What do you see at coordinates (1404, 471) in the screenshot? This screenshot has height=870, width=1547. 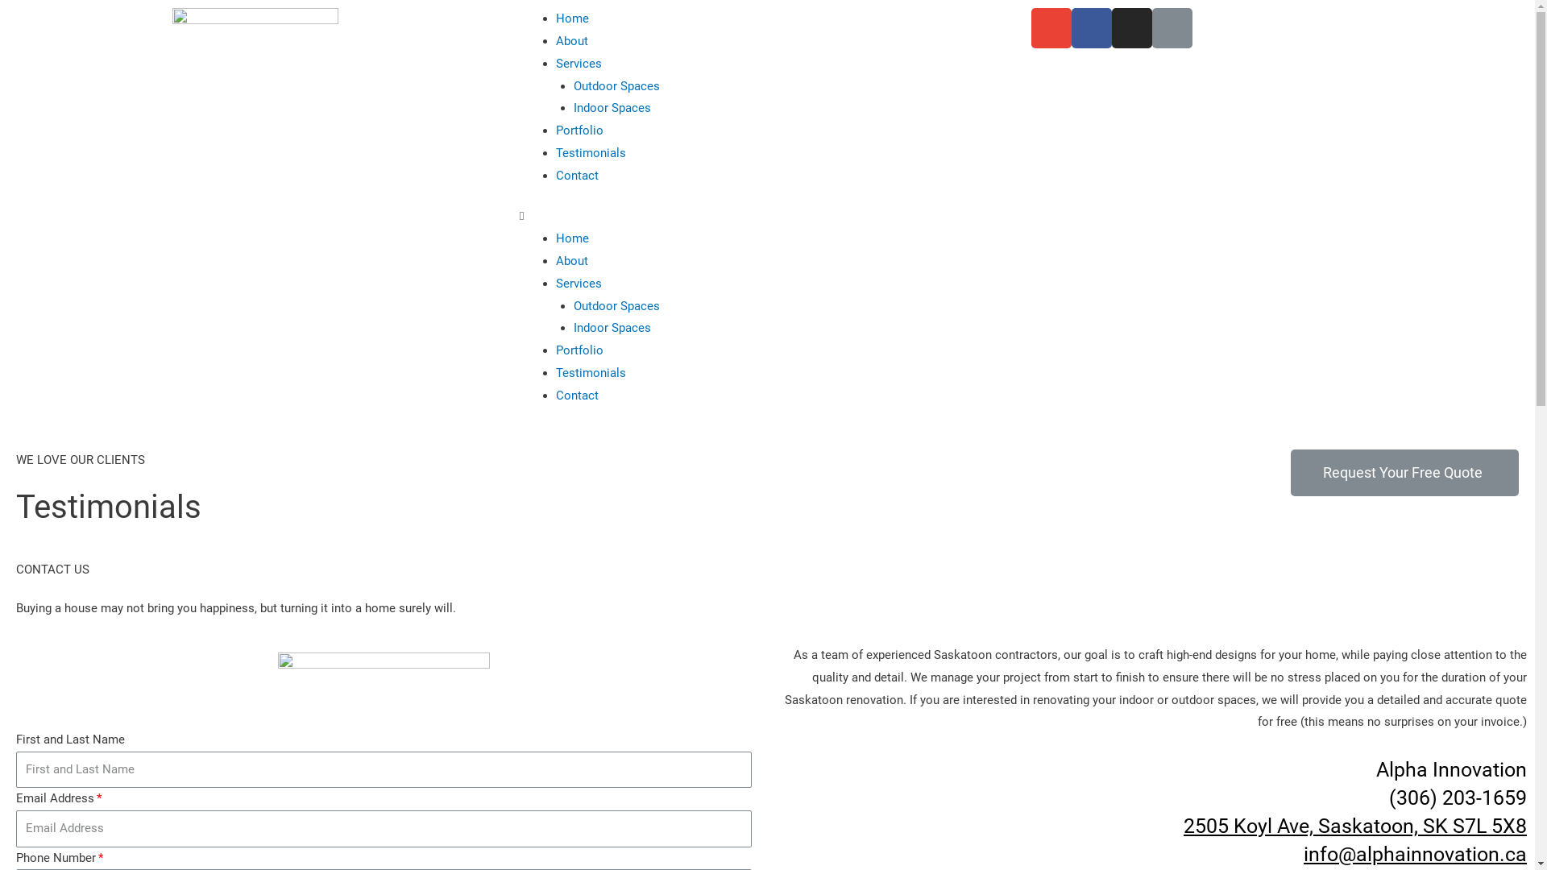 I see `'Request Your Free Quote'` at bounding box center [1404, 471].